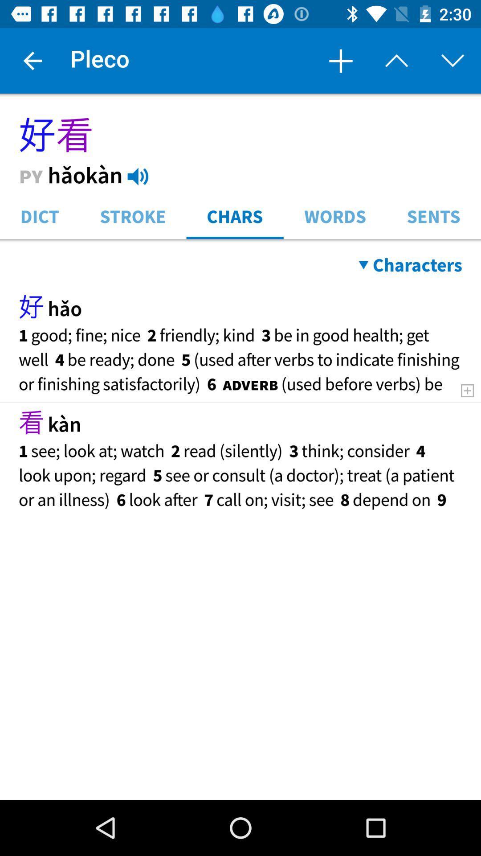  Describe the element at coordinates (39, 215) in the screenshot. I see `icon to the left of stroke` at that location.